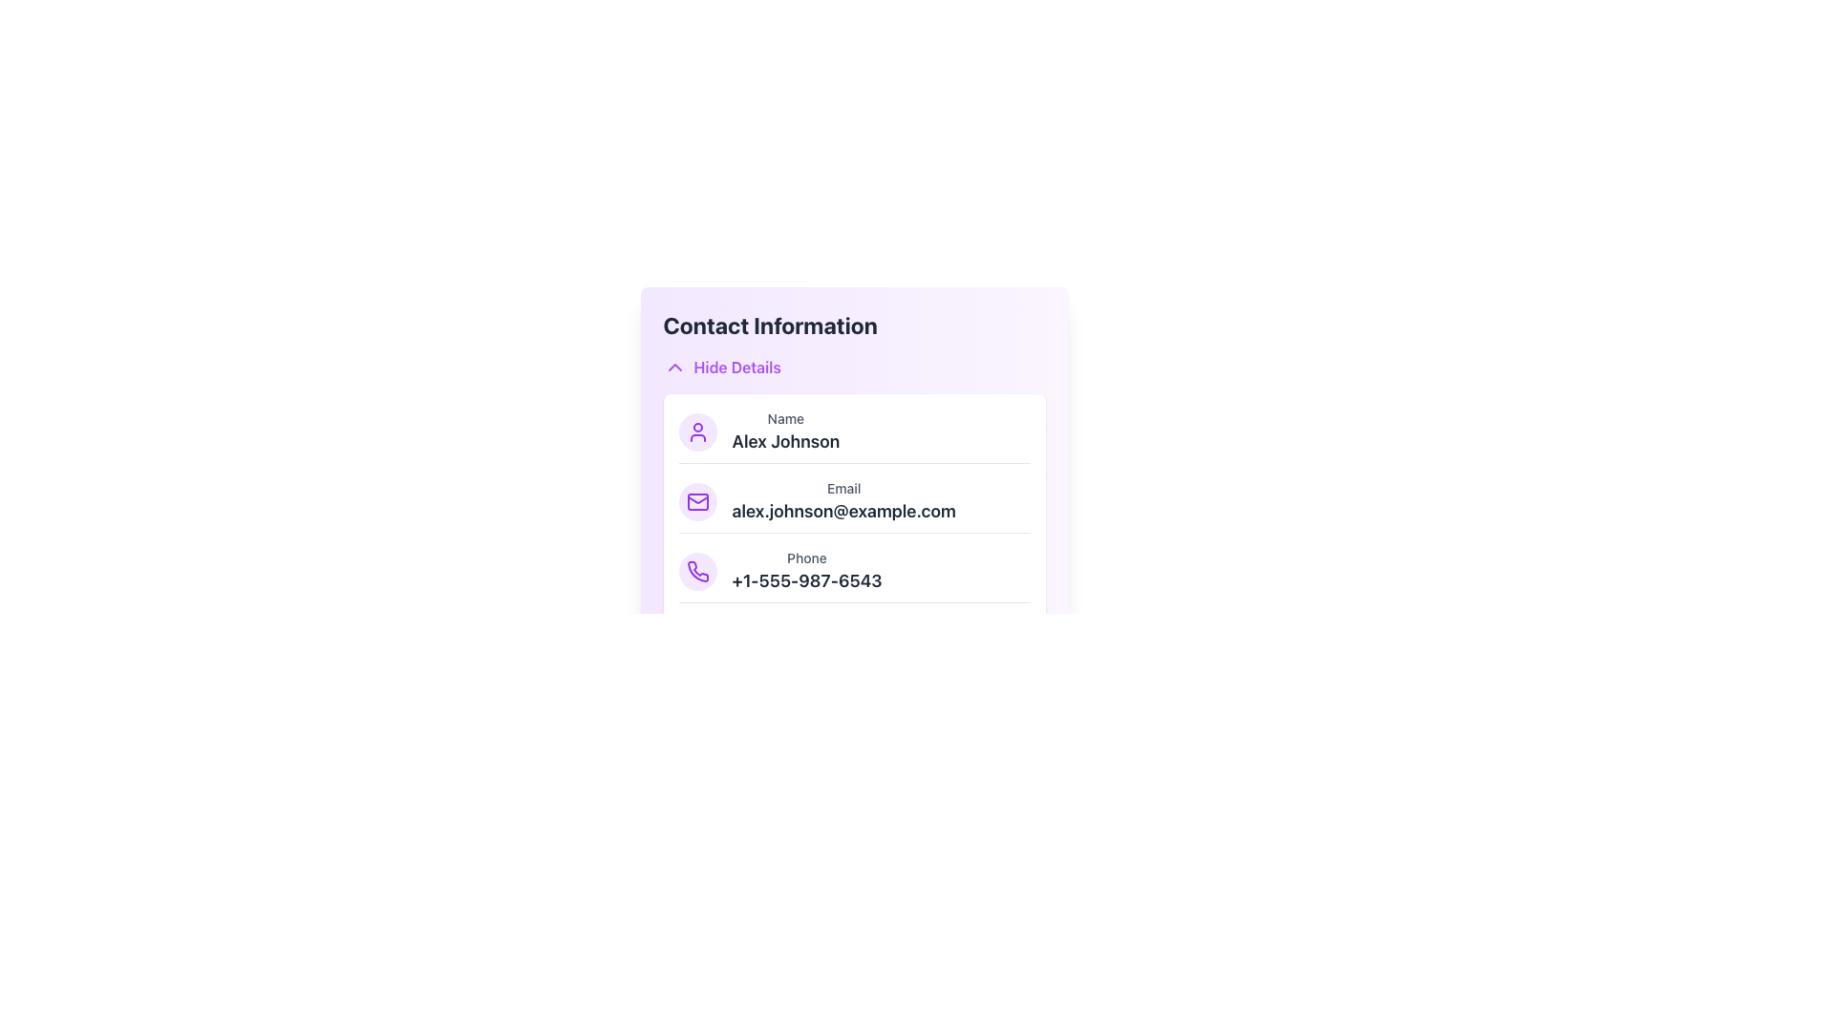 The width and height of the screenshot is (1834, 1031). Describe the element at coordinates (785, 441) in the screenshot. I see `the text label displaying 'Alex Johnson', which is positioned beneath the label 'Name' in the 'Contact Information' section` at that location.